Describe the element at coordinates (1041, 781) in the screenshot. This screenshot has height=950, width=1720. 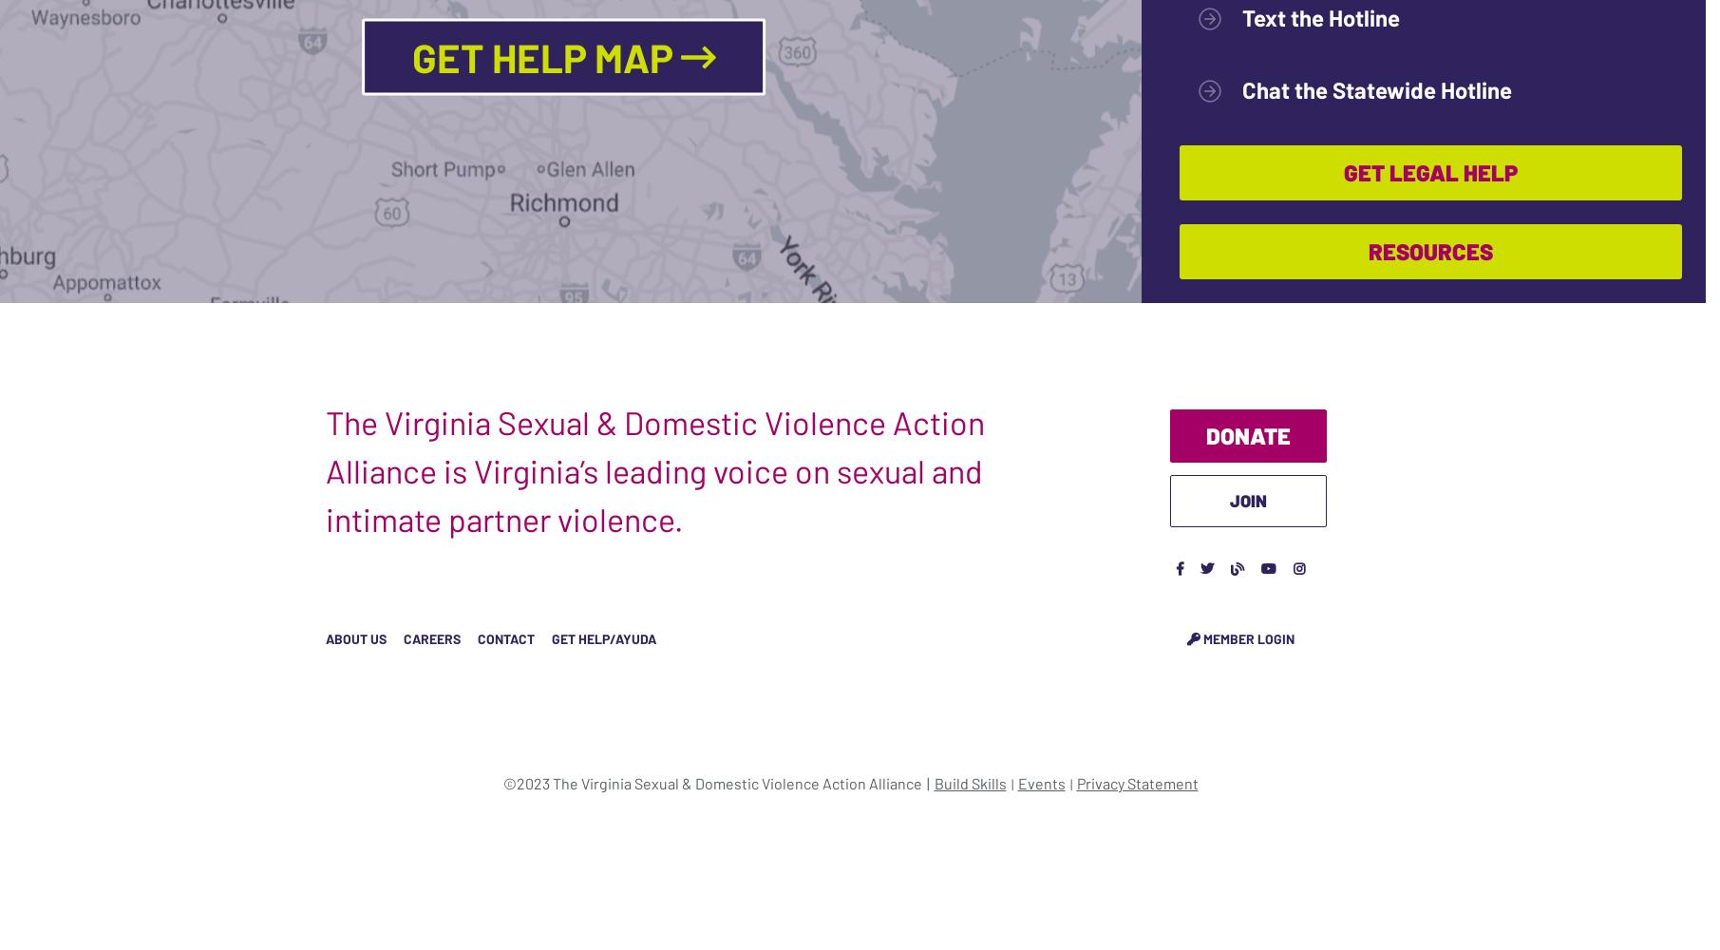
I see `'Events'` at that location.